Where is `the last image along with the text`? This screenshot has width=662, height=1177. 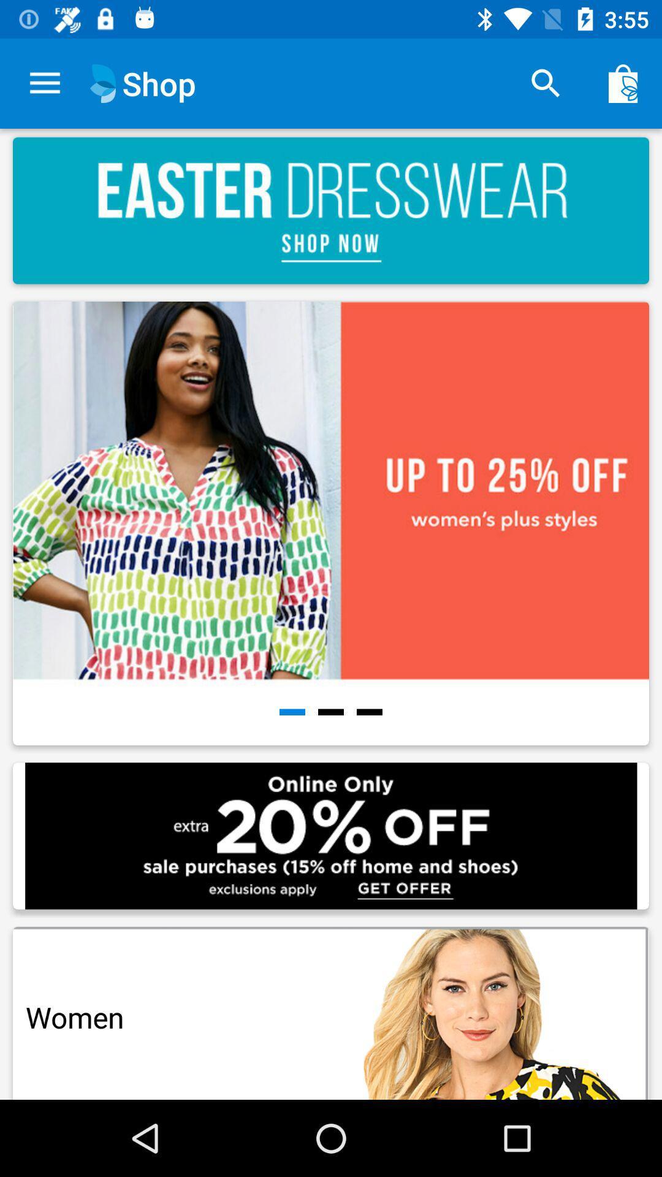 the last image along with the text is located at coordinates (331, 1009).